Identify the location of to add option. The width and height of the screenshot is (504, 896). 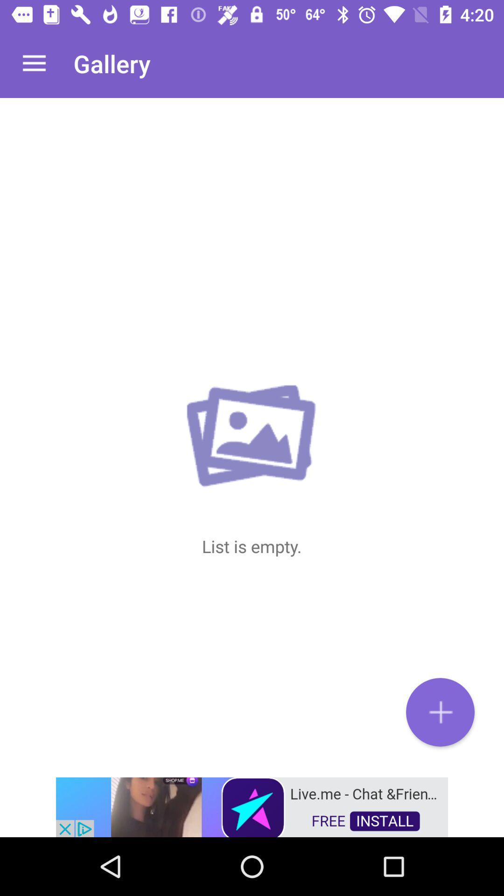
(440, 712).